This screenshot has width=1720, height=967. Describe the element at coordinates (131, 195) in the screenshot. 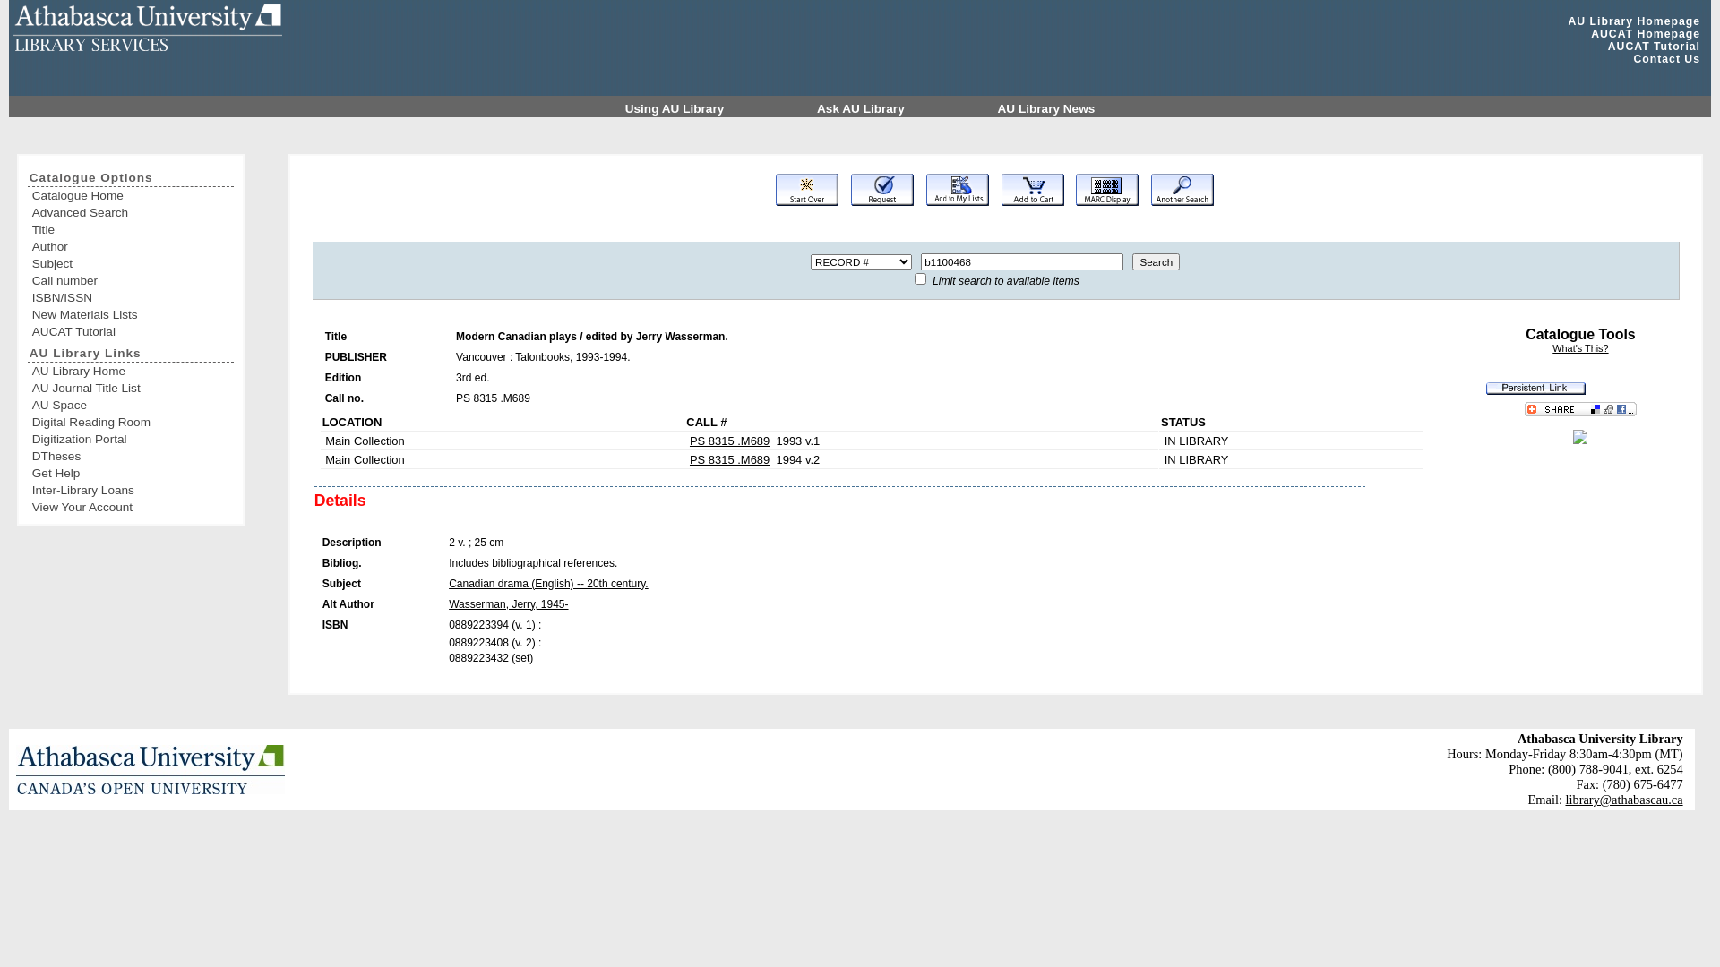

I see `'Catalogue Home'` at that location.